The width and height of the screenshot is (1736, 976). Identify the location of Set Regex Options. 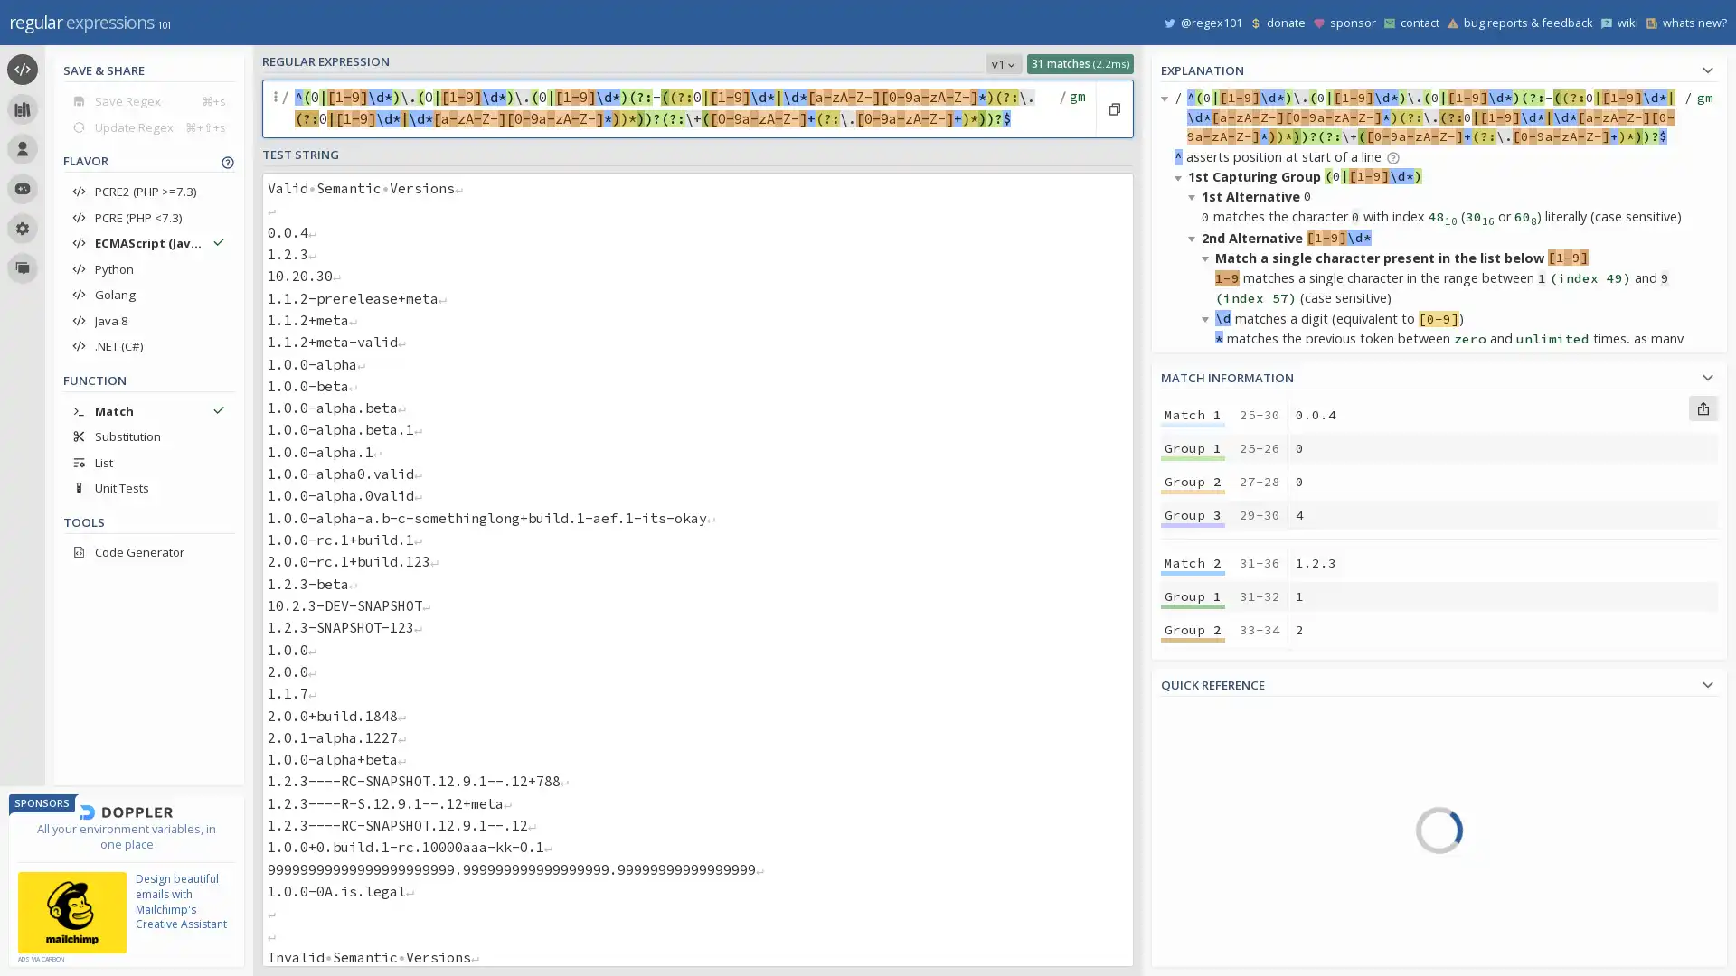
(1075, 108).